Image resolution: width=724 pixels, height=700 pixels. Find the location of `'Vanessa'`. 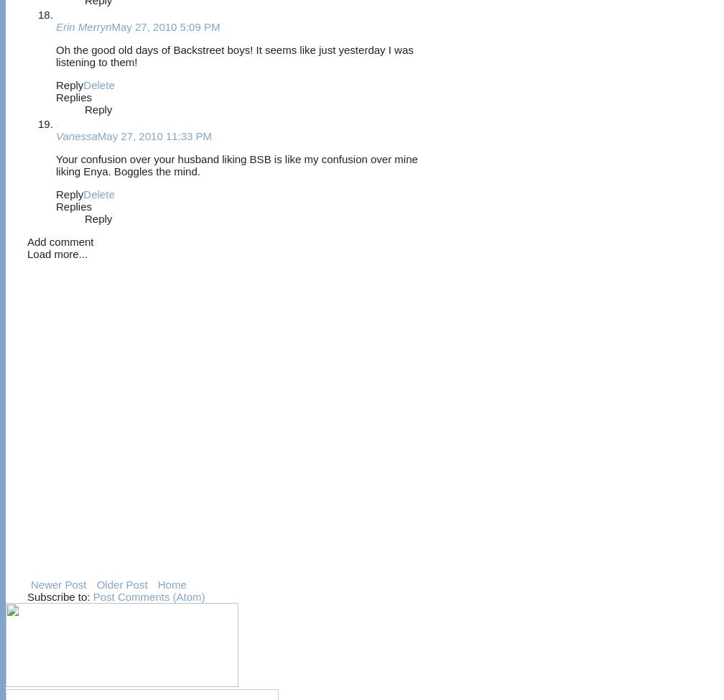

'Vanessa' is located at coordinates (76, 135).